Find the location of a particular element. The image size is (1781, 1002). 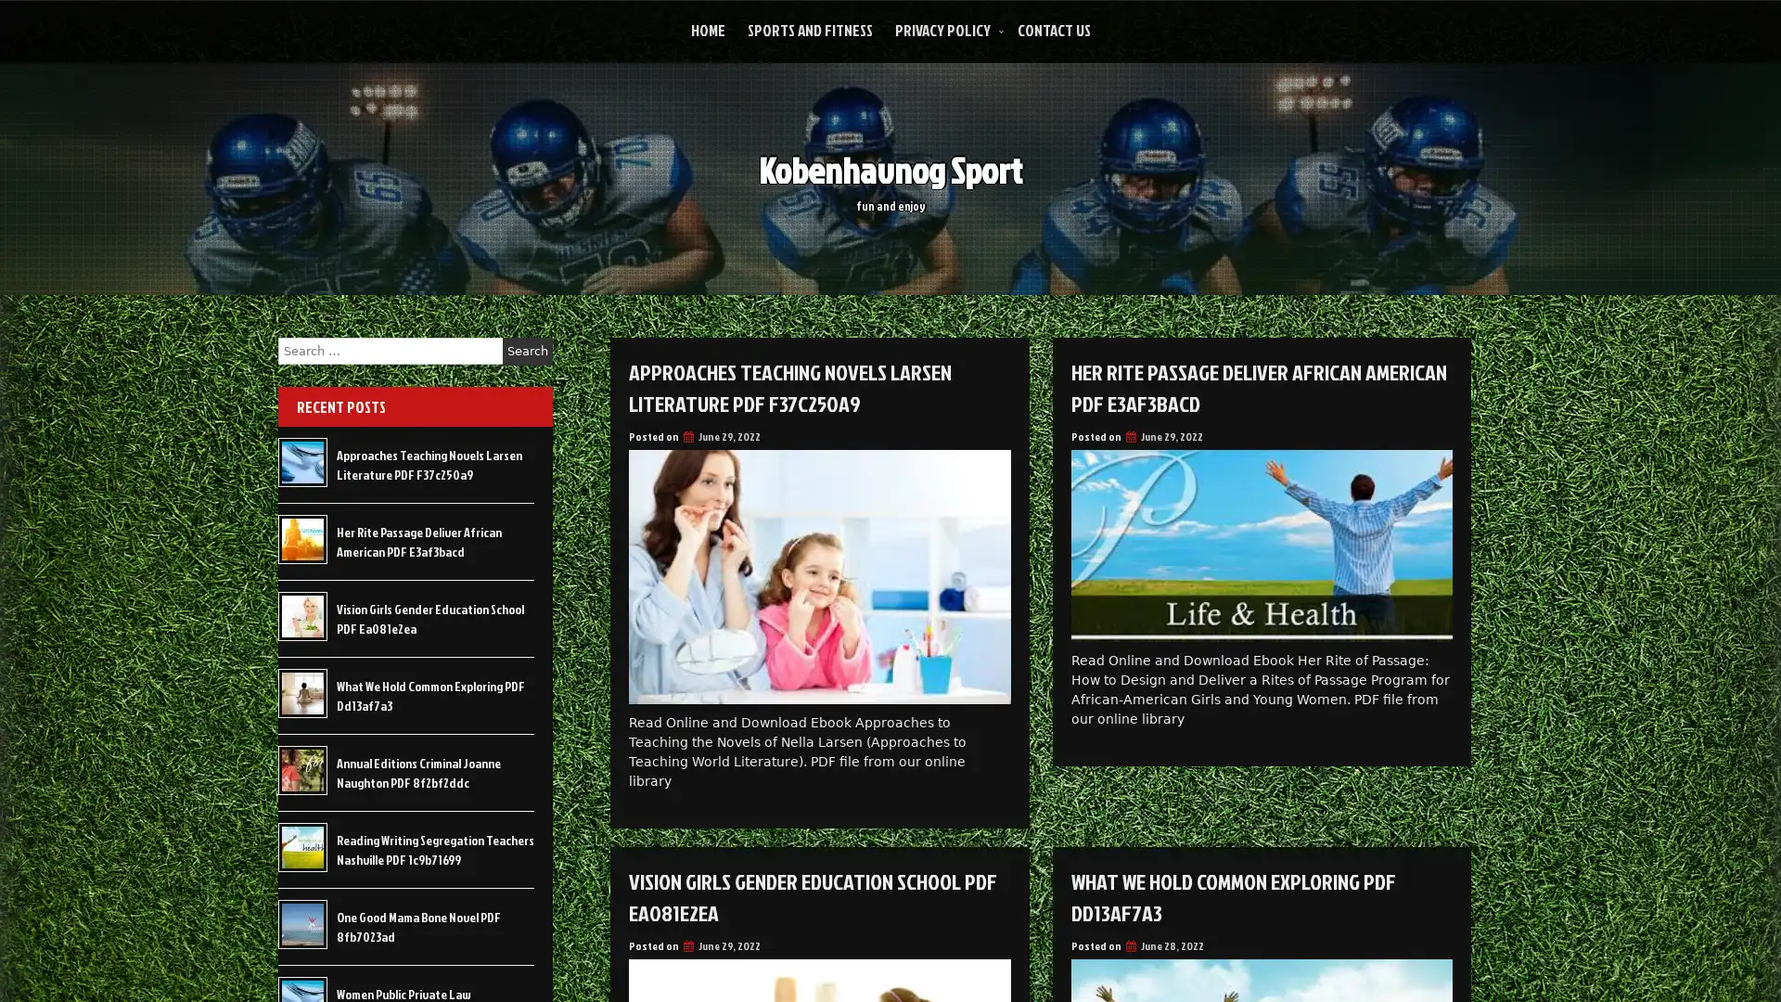

Search is located at coordinates (527, 351).